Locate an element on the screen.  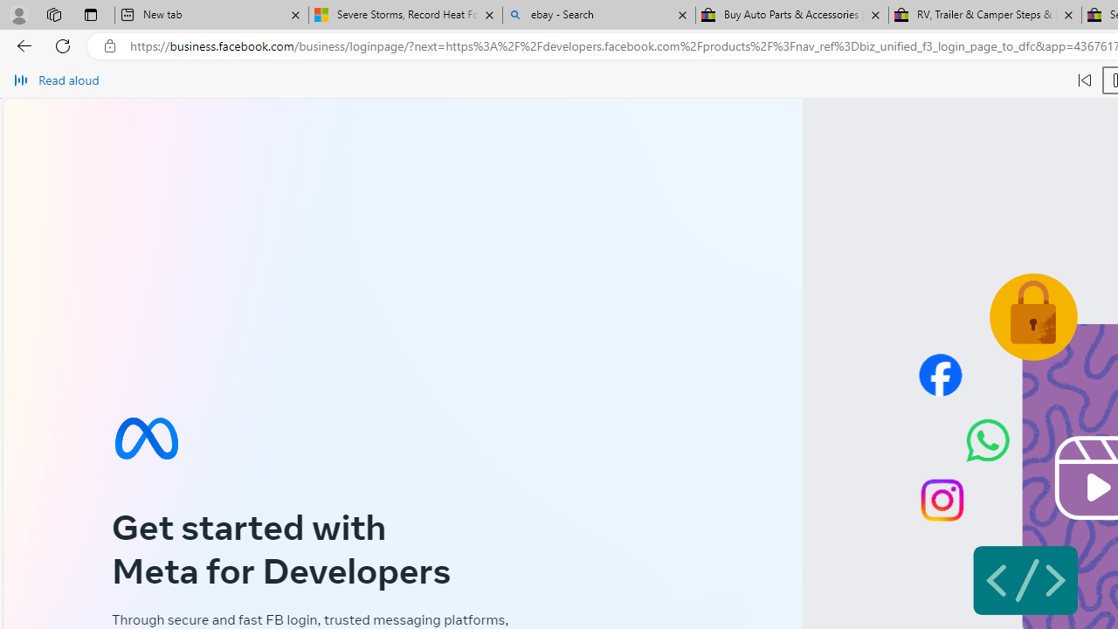
'Meta symbol' is located at coordinates (146, 438).